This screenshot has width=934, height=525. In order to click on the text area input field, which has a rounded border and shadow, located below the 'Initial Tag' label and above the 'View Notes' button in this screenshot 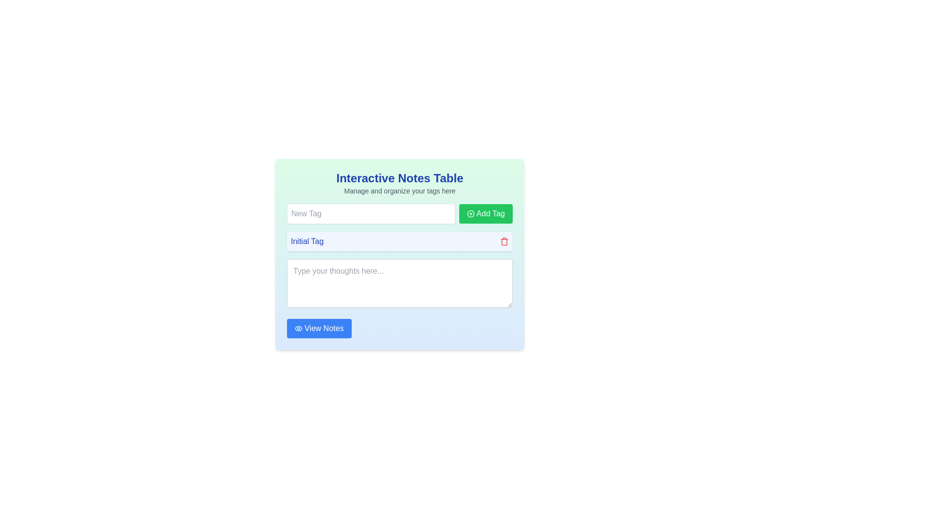, I will do `click(399, 283)`.